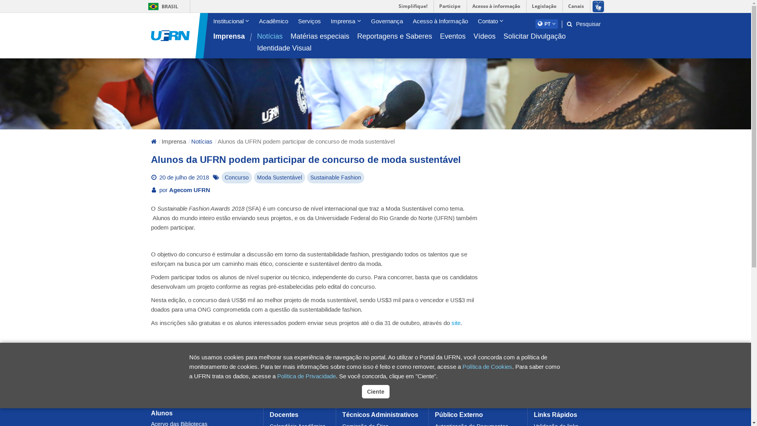  Describe the element at coordinates (236, 177) in the screenshot. I see `'Concurso'` at that location.